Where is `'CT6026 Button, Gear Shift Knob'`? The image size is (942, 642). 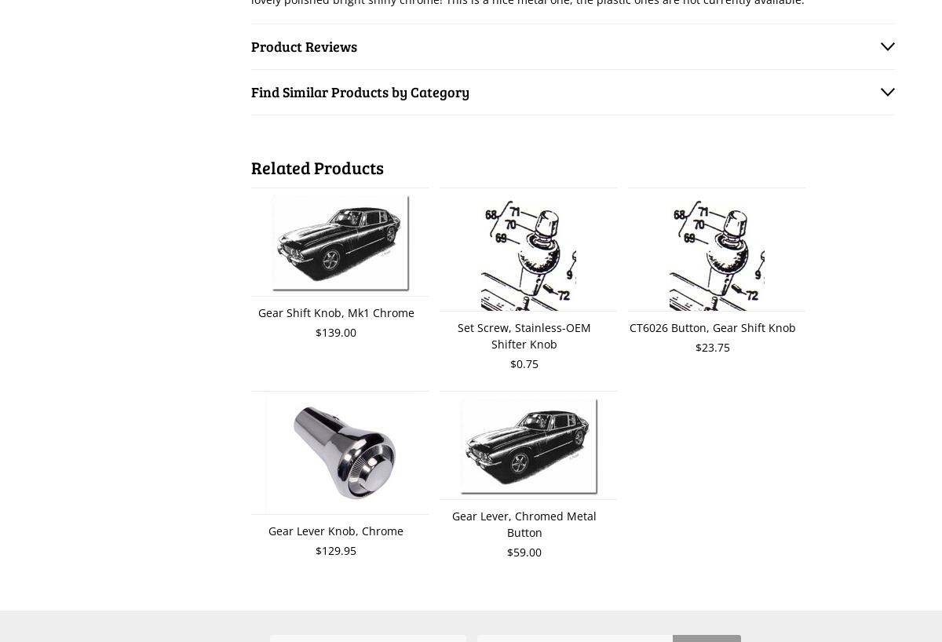 'CT6026 Button, Gear Shift Knob' is located at coordinates (713, 326).